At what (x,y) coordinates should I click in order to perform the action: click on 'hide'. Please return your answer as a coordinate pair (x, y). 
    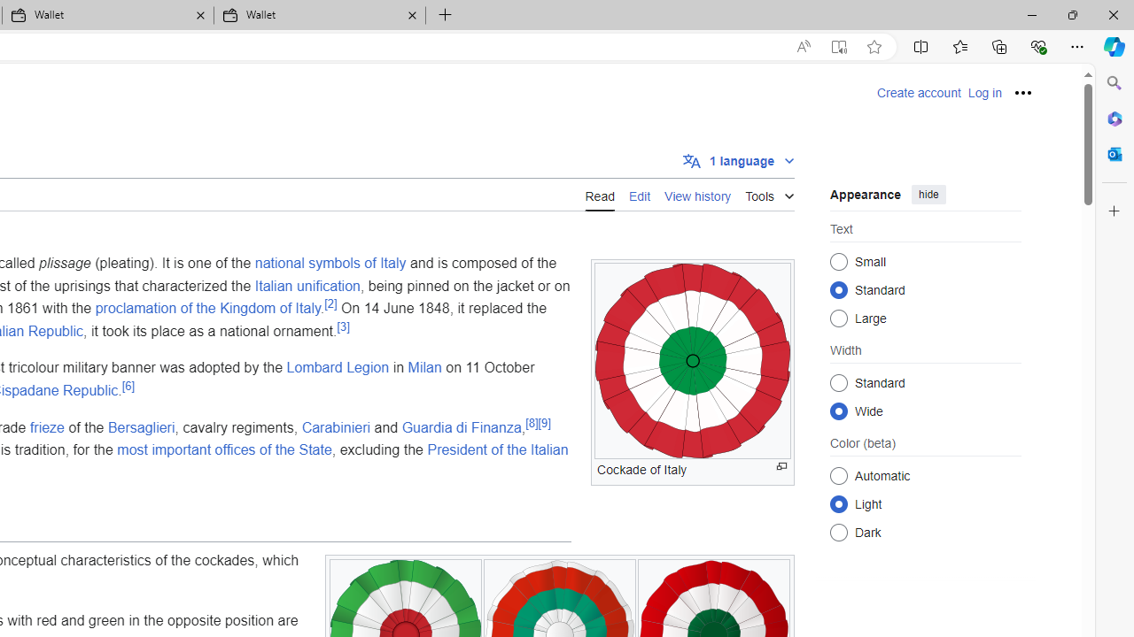
    Looking at the image, I should click on (928, 194).